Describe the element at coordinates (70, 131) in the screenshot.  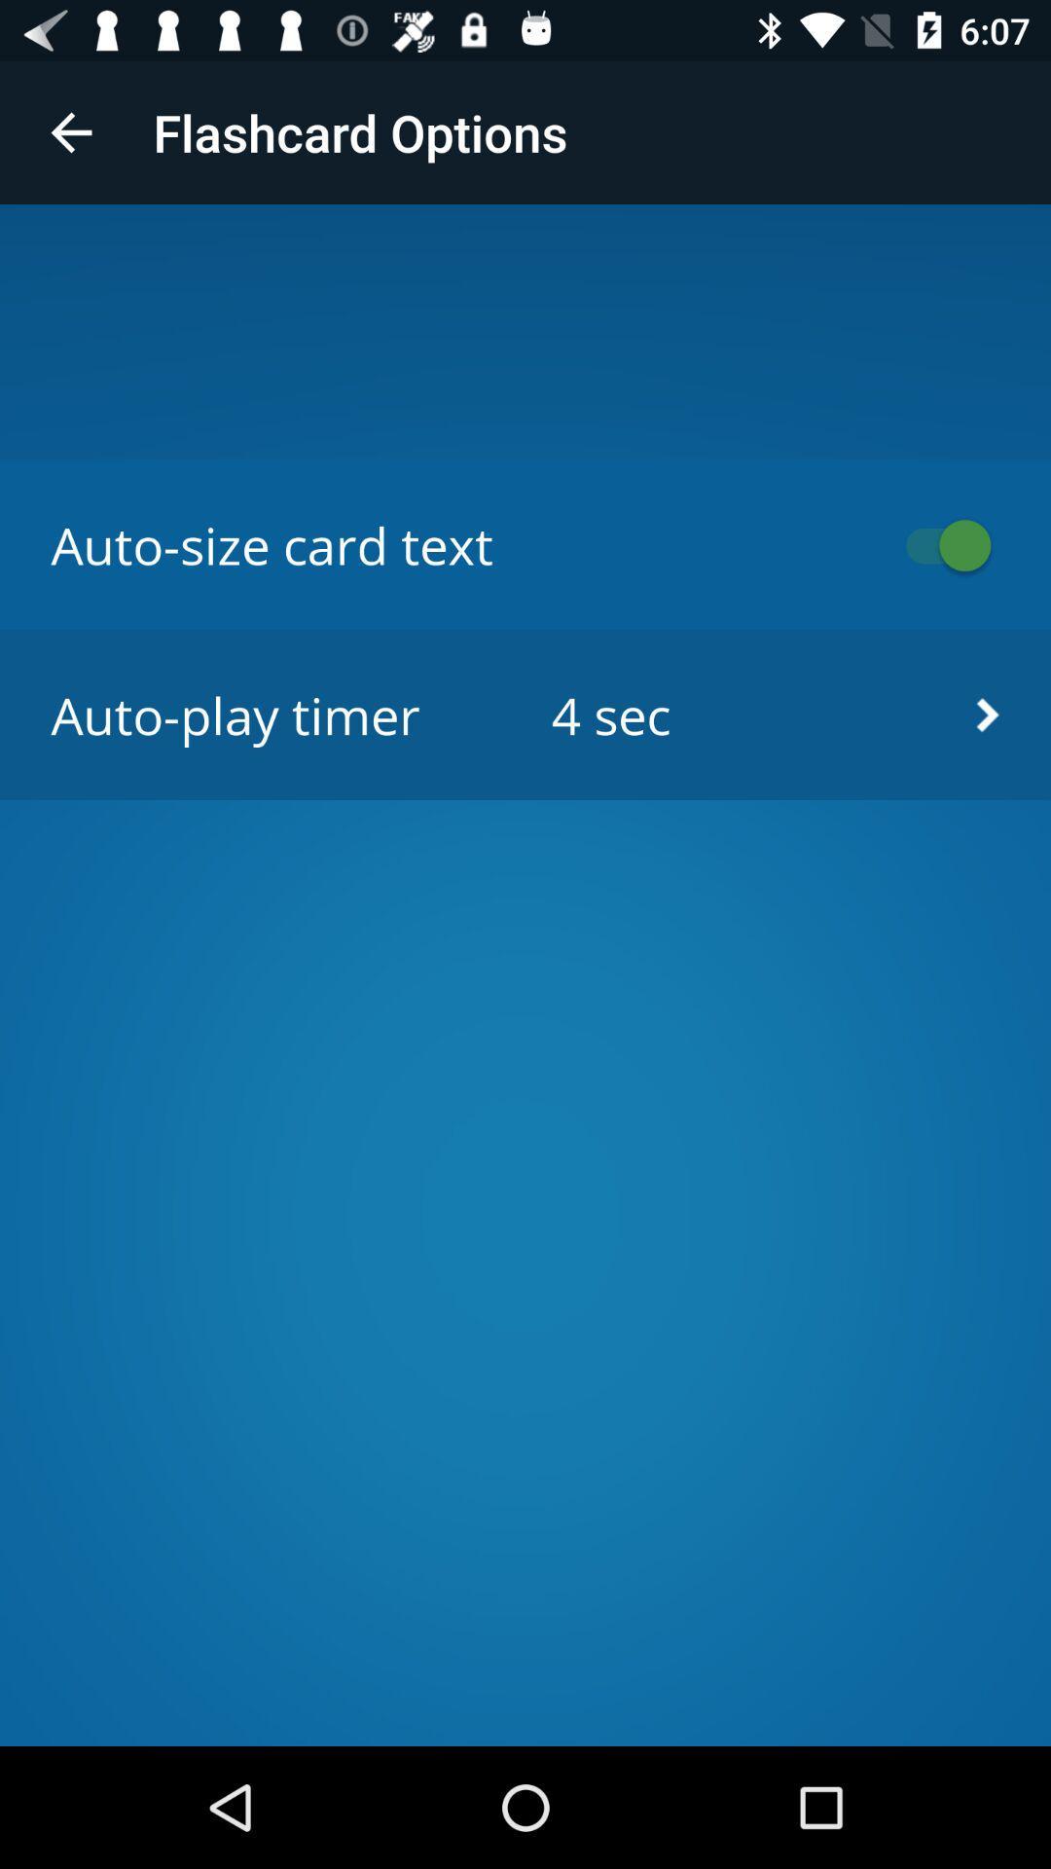
I see `the item at the top left corner` at that location.